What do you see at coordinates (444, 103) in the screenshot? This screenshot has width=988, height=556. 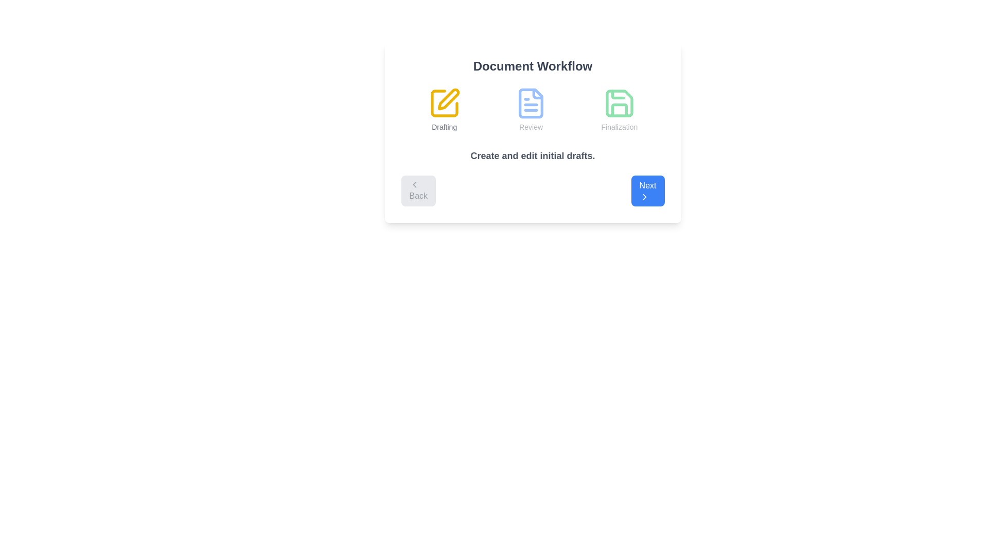 I see `the 'Drafting' icon, which is the first icon under the 'Document Workflow' header` at bounding box center [444, 103].